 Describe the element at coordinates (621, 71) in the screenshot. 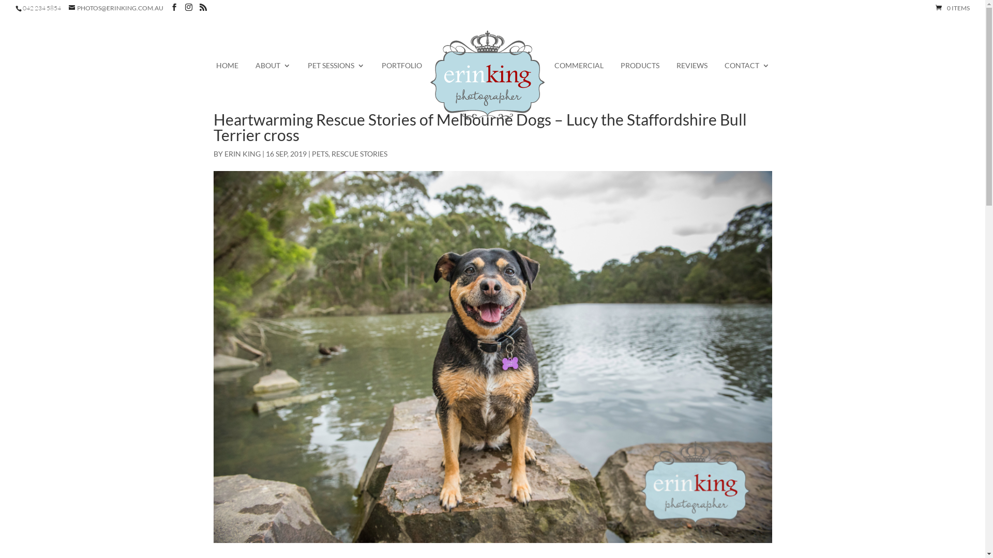

I see `'PRODUCTS'` at that location.